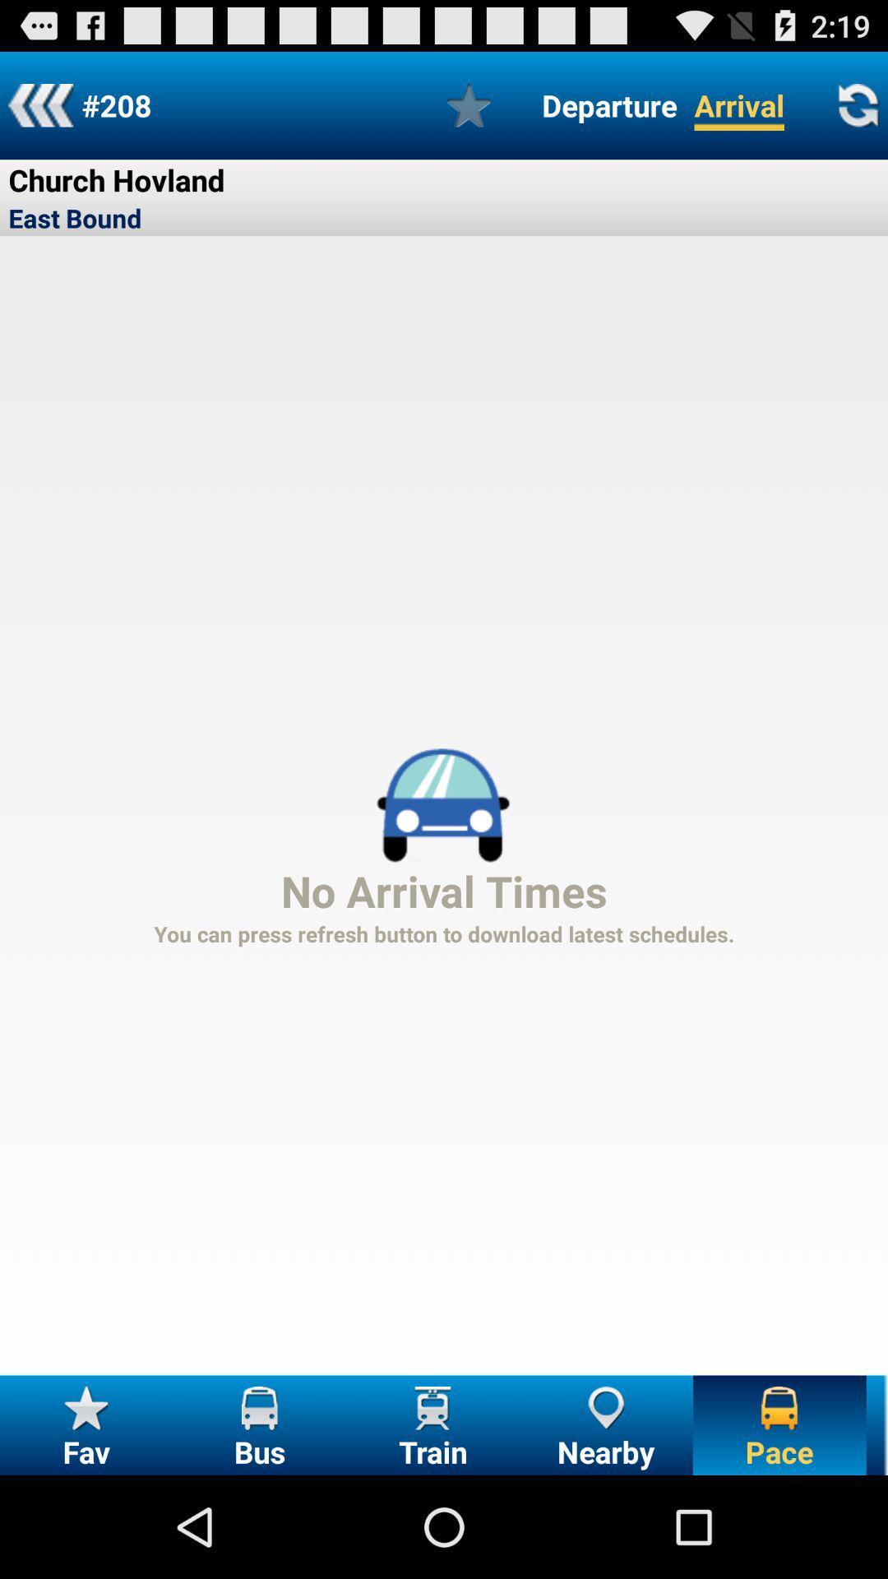 This screenshot has height=1579, width=888. What do you see at coordinates (39, 104) in the screenshot?
I see `go back` at bounding box center [39, 104].